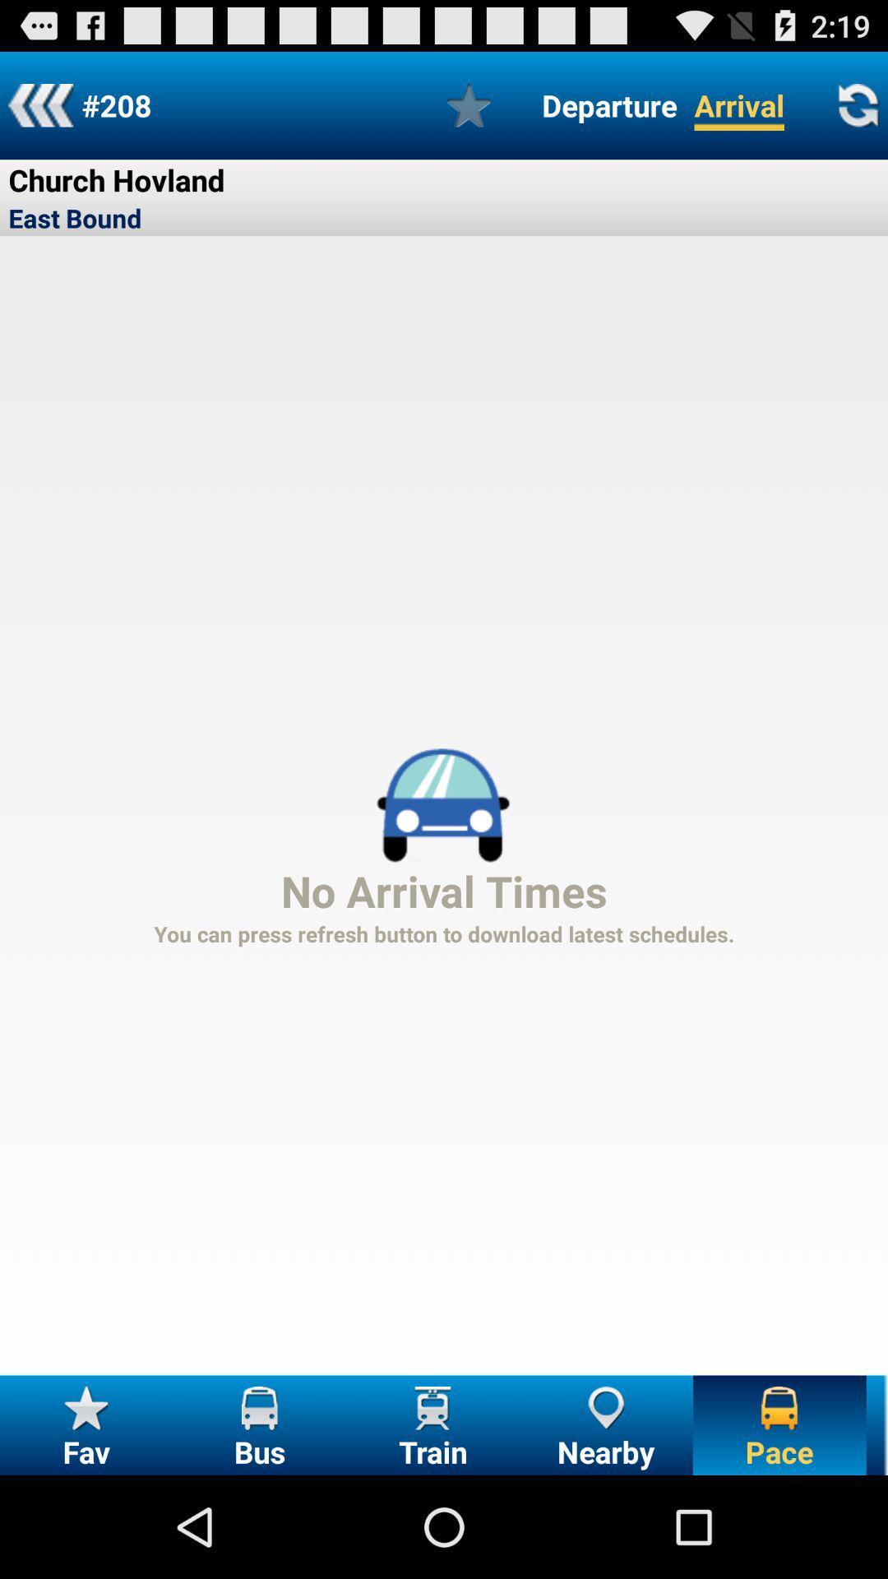 This screenshot has height=1579, width=888. What do you see at coordinates (39, 104) in the screenshot?
I see `go back` at bounding box center [39, 104].